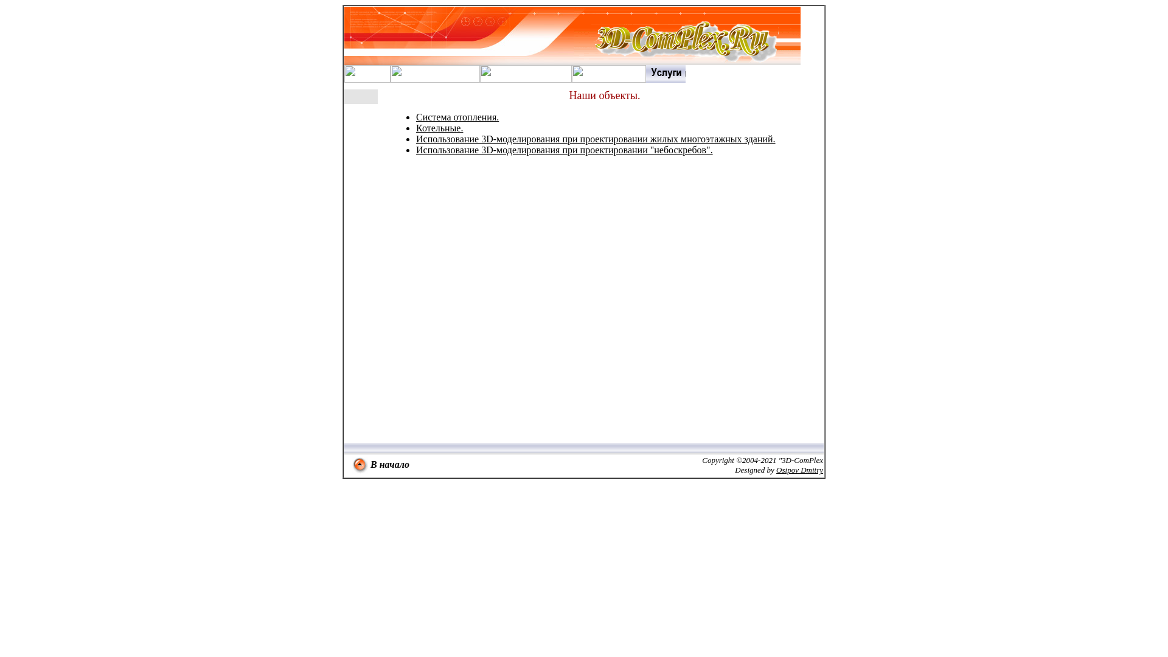 The image size is (1168, 657). What do you see at coordinates (799, 469) in the screenshot?
I see `'Osipov Dmitry'` at bounding box center [799, 469].